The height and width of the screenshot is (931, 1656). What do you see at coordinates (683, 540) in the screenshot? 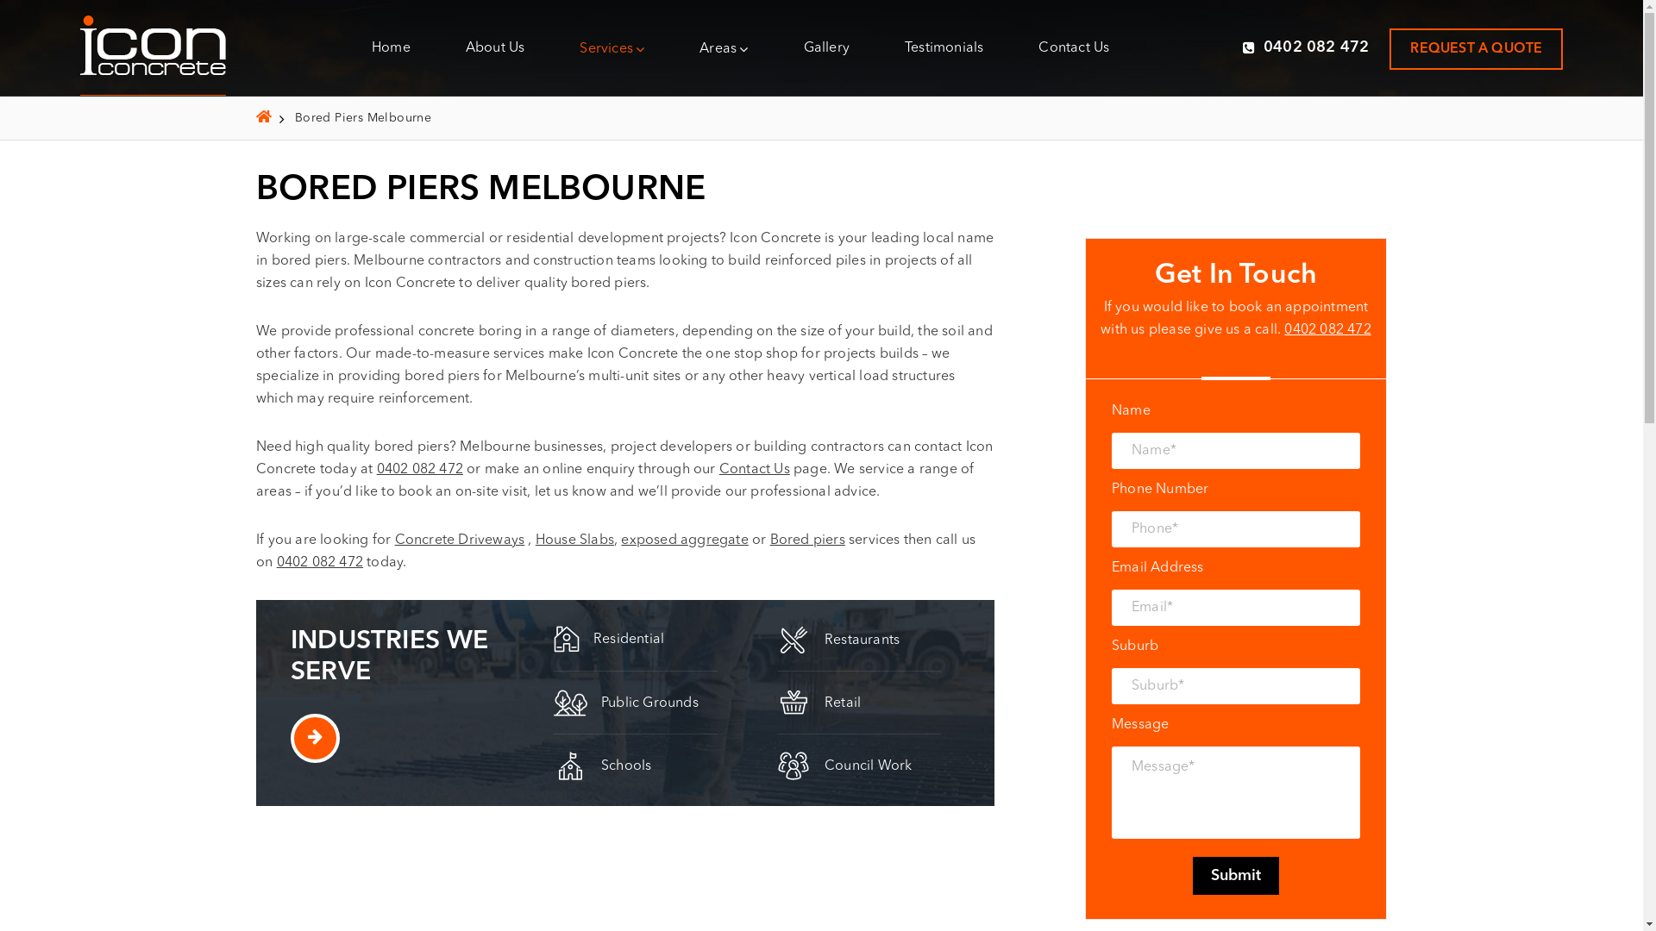
I see `'exposed aggregate'` at bounding box center [683, 540].